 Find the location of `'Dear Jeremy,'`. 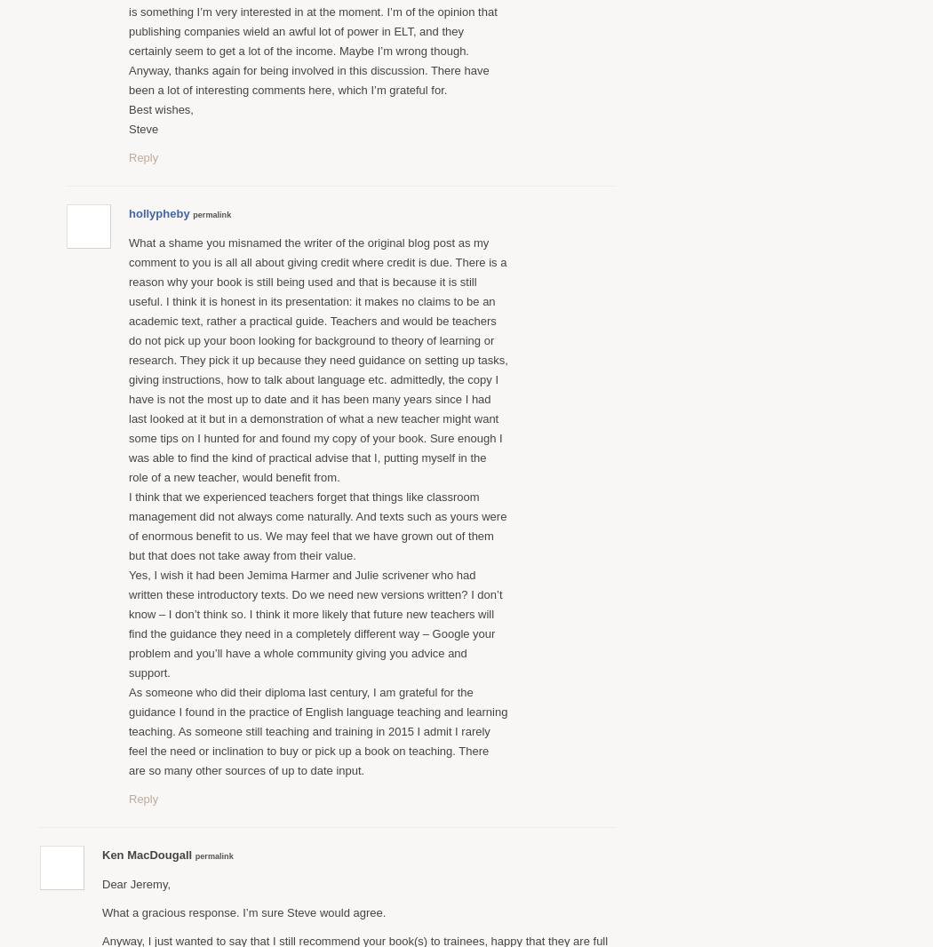

'Dear Jeremy,' is located at coordinates (100, 883).